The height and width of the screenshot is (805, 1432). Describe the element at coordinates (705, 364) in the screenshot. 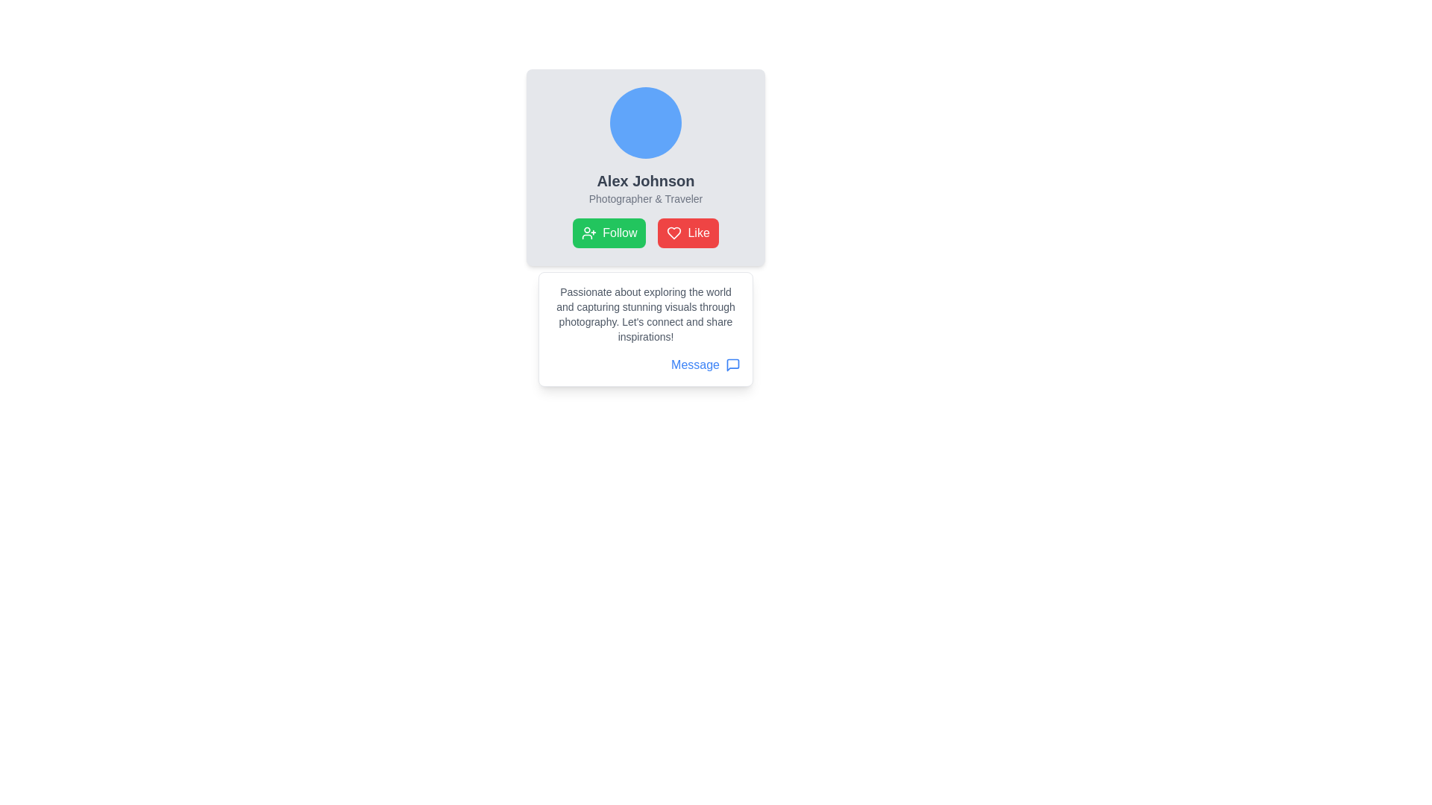

I see `the interactive button located at the bottom-right of the card-like structure` at that location.